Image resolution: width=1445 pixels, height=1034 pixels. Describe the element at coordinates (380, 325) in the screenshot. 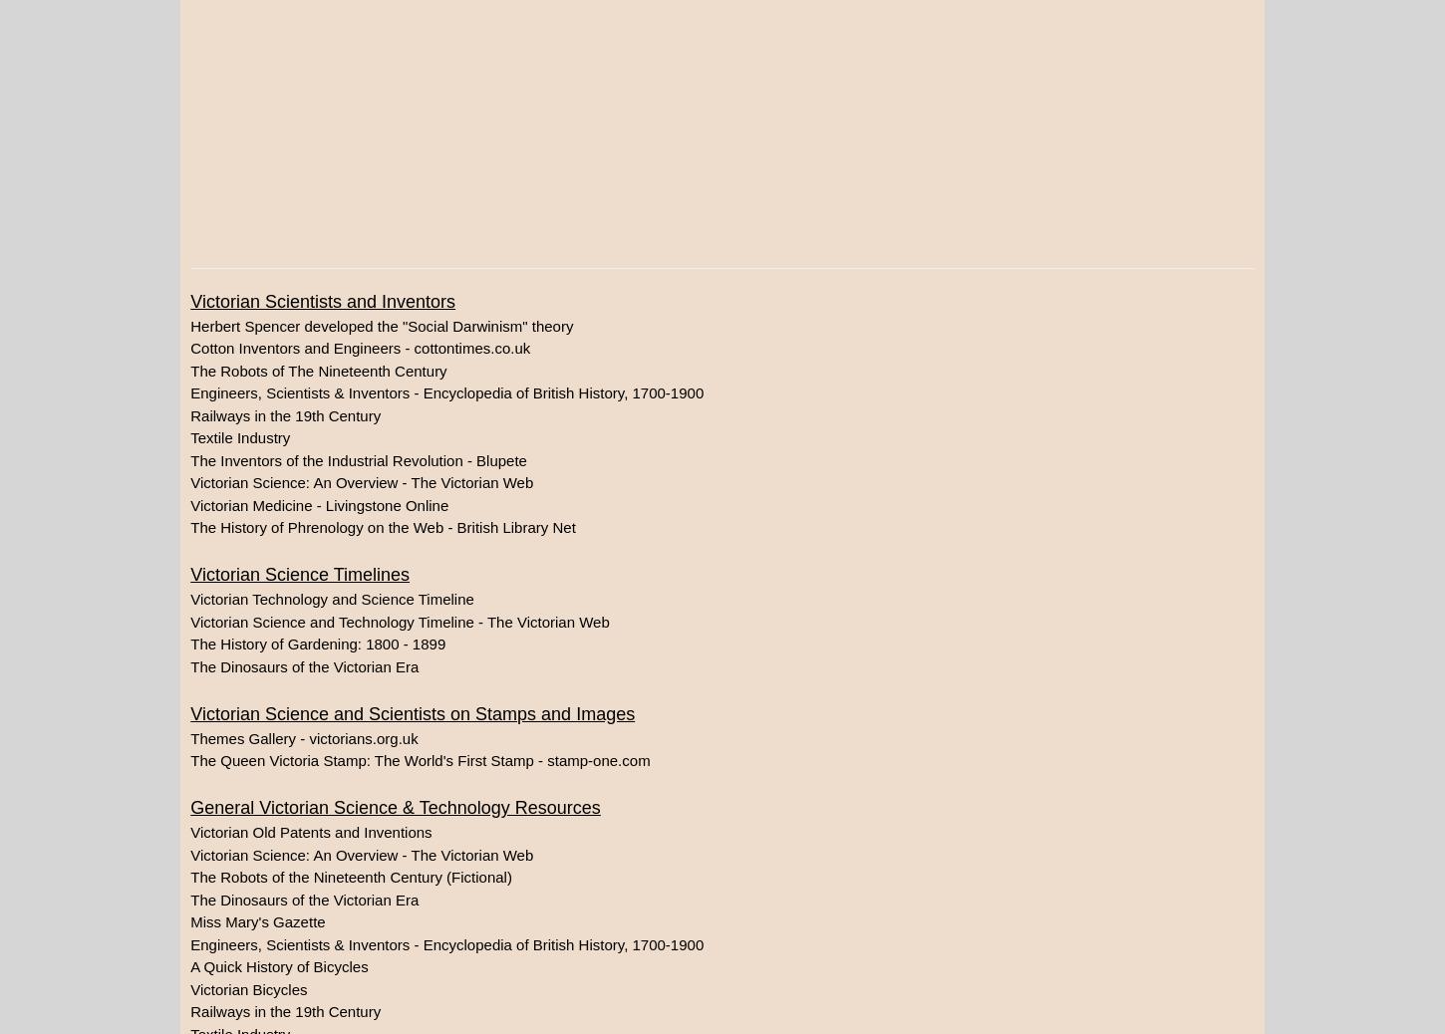

I see `'Herbert Spencer developed the "Social Darwinism" theory'` at that location.